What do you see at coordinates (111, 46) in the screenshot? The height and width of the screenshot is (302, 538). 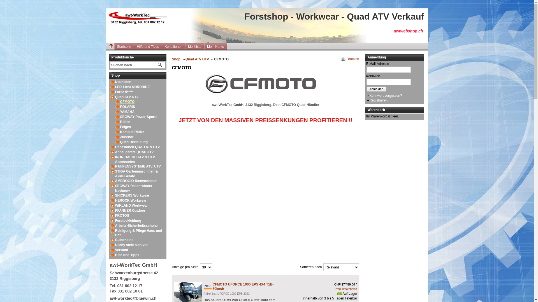 I see `'Startseite'` at bounding box center [111, 46].